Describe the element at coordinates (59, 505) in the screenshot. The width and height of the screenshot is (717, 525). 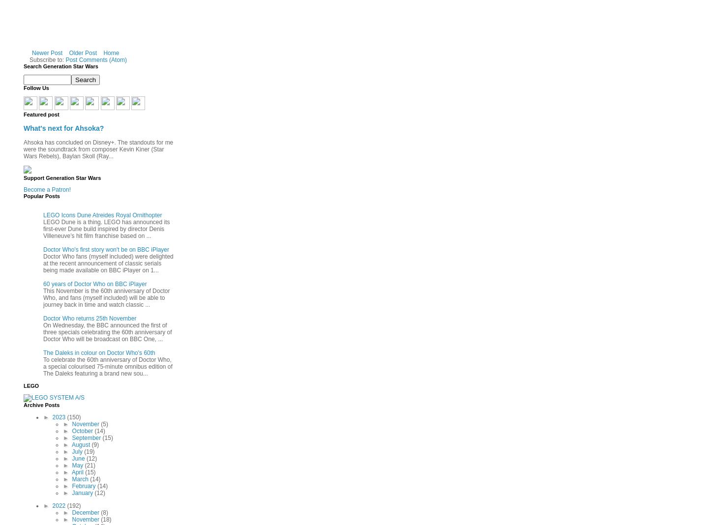
I see `'2022'` at that location.